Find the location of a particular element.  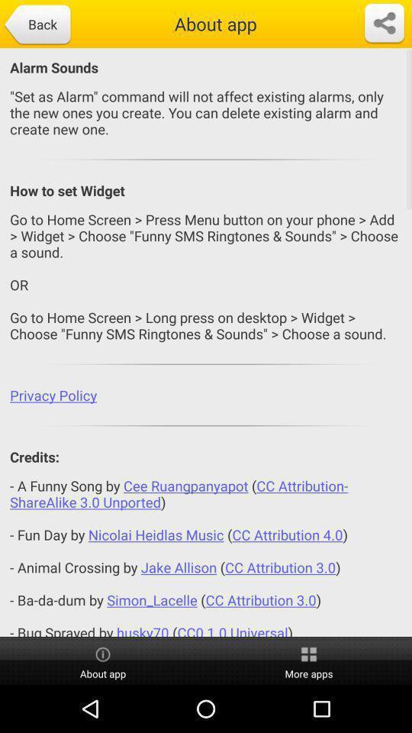

share about page is located at coordinates (383, 23).